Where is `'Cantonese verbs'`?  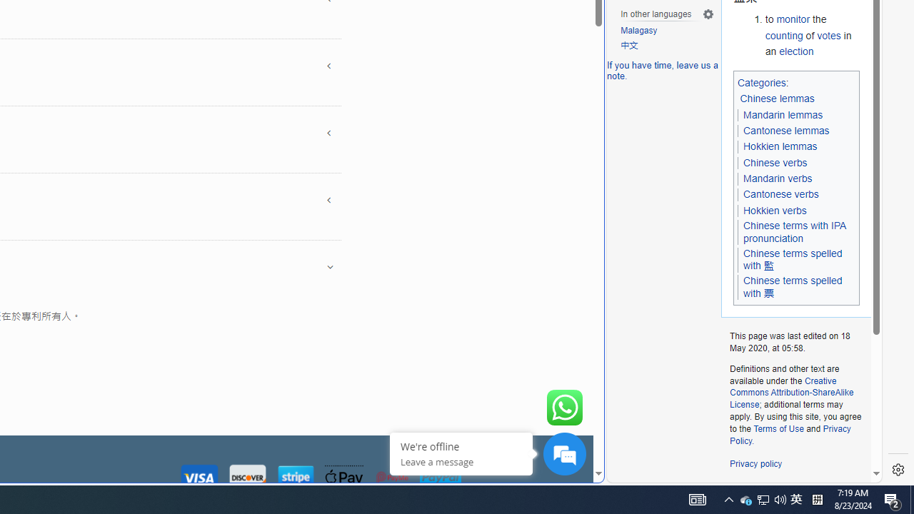
'Cantonese verbs' is located at coordinates (780, 195).